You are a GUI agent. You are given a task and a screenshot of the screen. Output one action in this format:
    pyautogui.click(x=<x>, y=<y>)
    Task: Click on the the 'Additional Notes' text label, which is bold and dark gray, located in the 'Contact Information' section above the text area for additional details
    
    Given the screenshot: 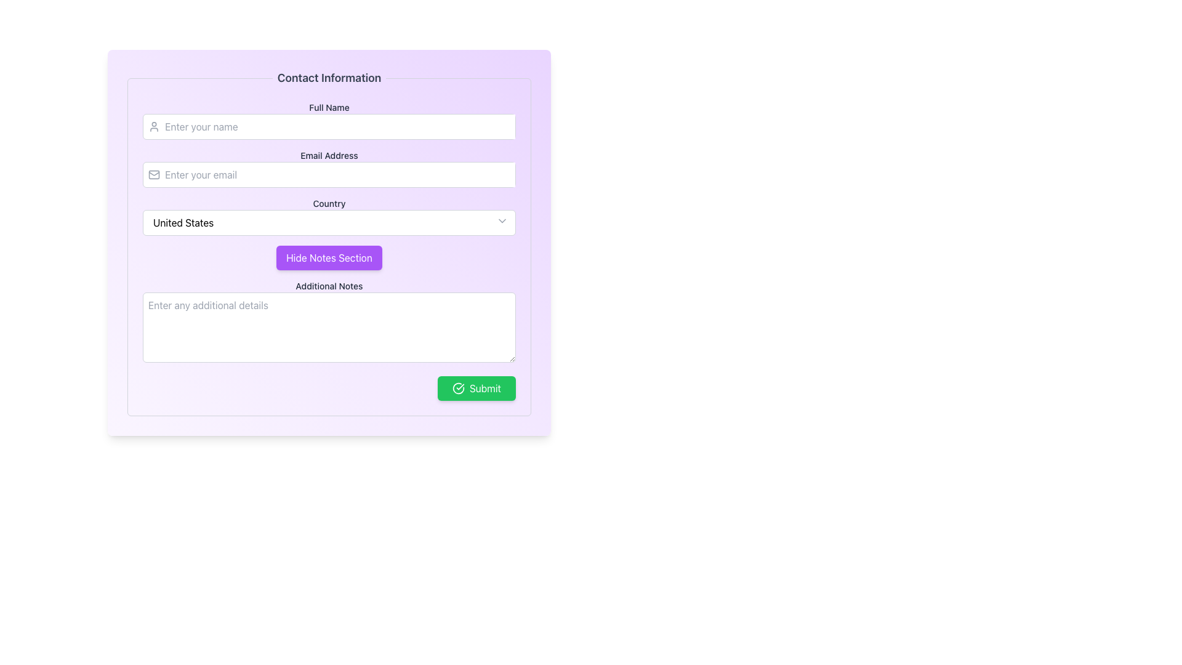 What is the action you would take?
    pyautogui.click(x=329, y=286)
    